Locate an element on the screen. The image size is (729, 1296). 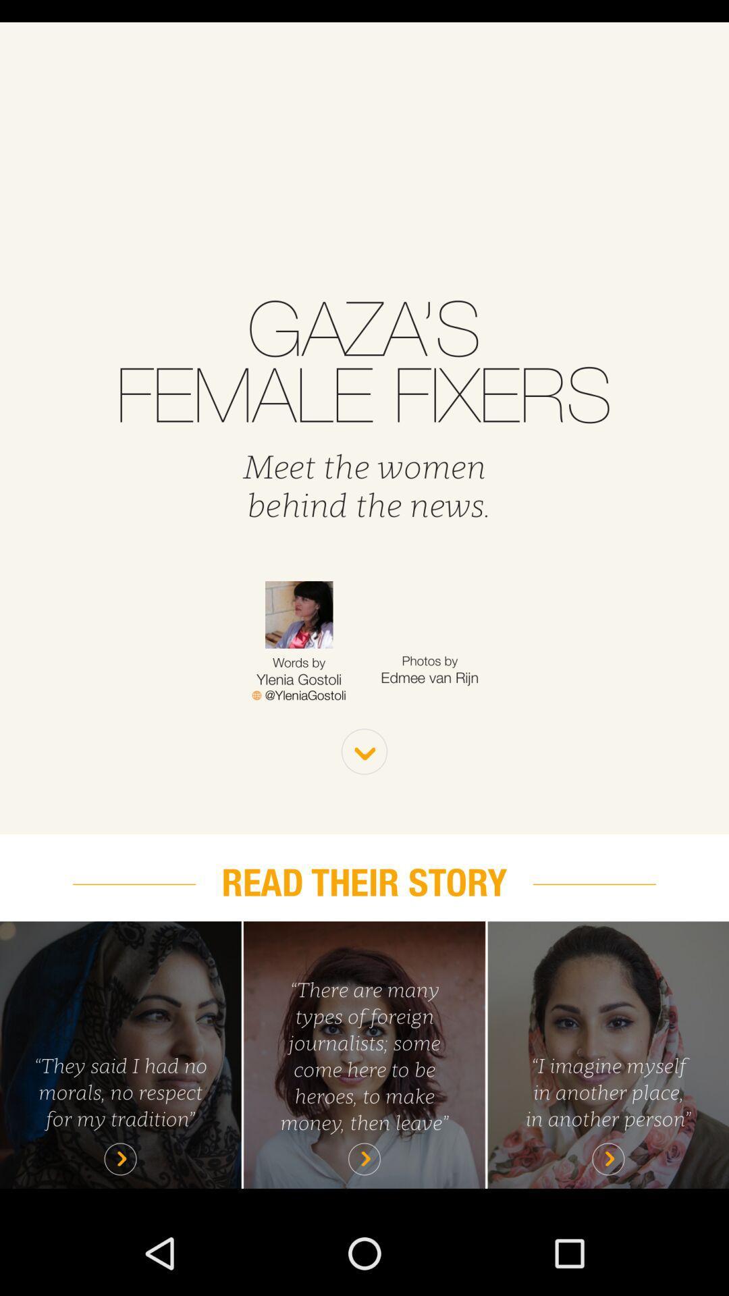
the expand_more icon is located at coordinates (364, 804).